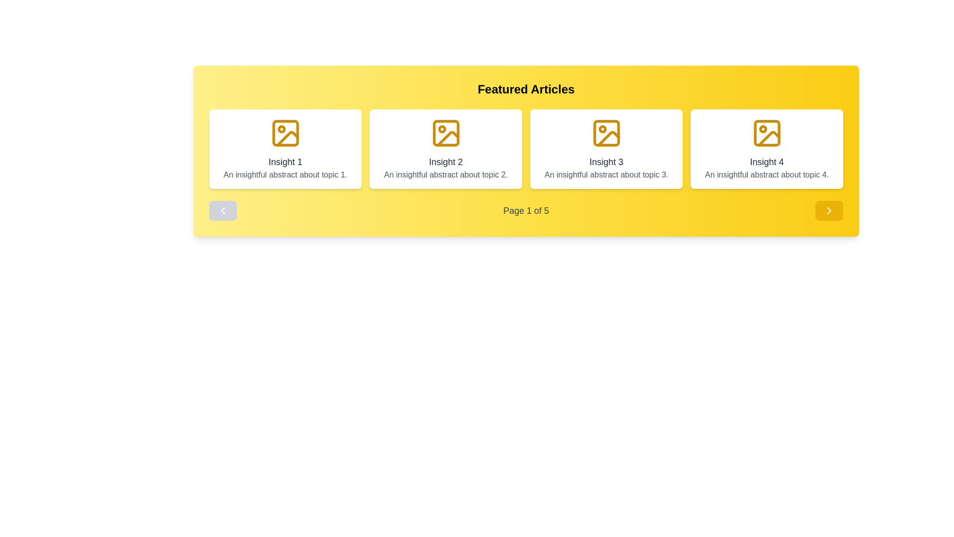  I want to click on text provided by the Text Label located beneath the title 'Insight 3' in the third card from the left in a horizontally-aligned grid of four cards, so click(606, 174).